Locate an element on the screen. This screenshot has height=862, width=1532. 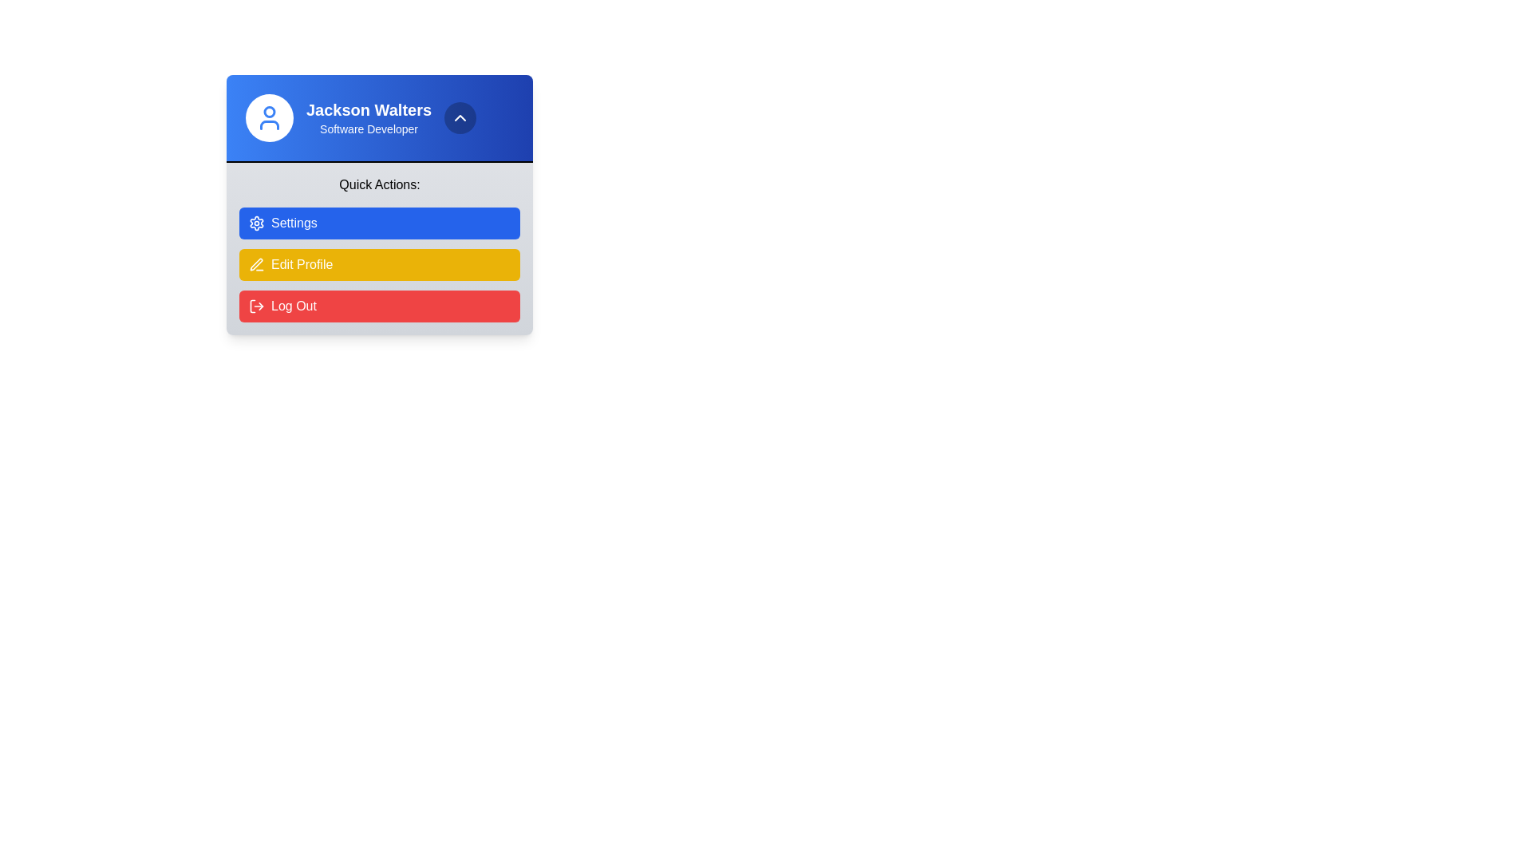
the profile edit button located centrally in the 'Quick Actions' section, which is the second button in a vertical stack between the 'Settings' and 'Log Out' buttons is located at coordinates (378, 263).